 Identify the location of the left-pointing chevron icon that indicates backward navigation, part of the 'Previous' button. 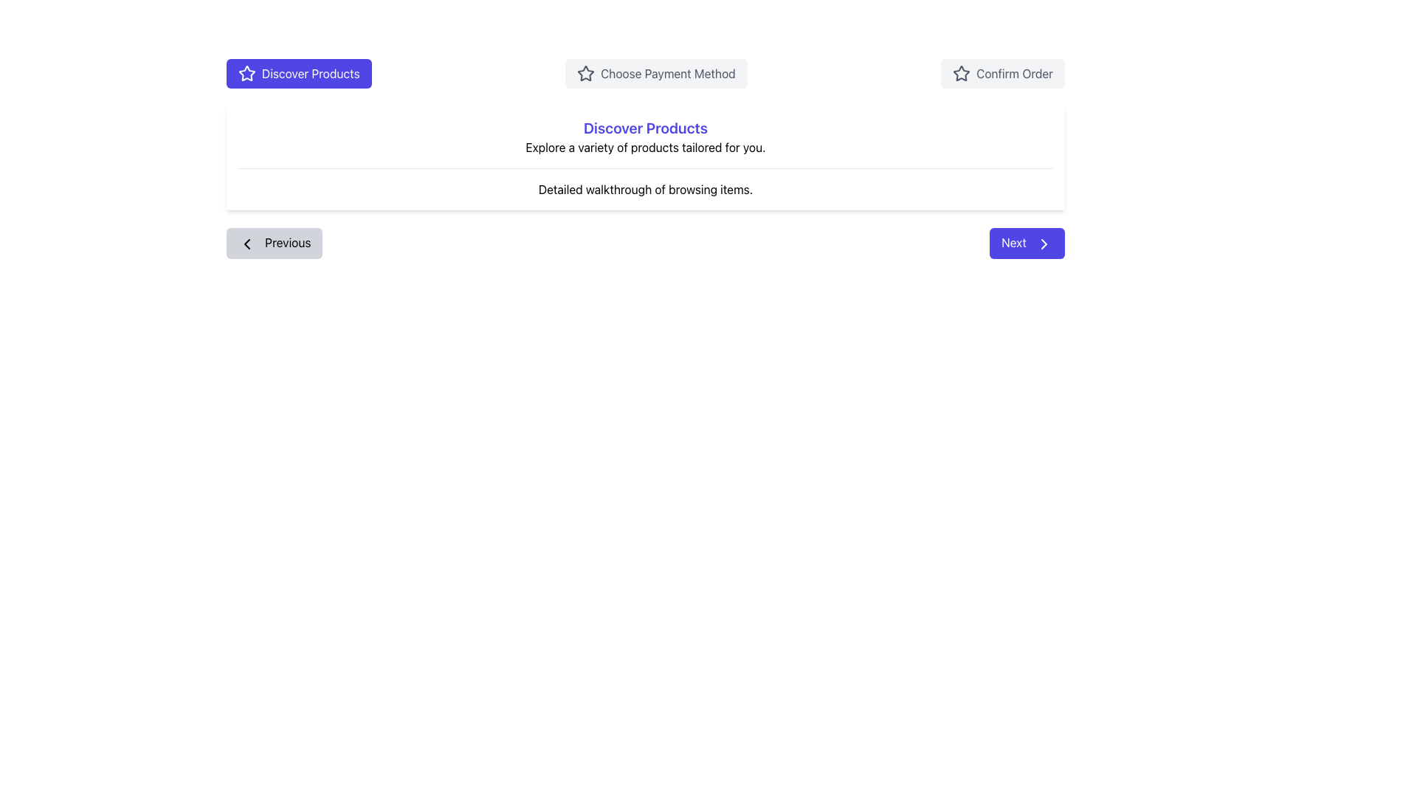
(247, 243).